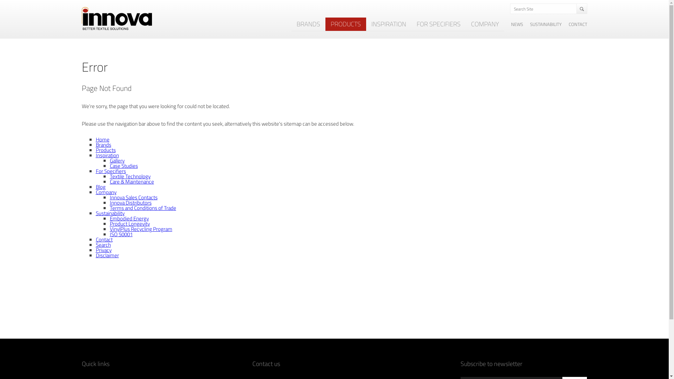 This screenshot has width=674, height=379. I want to click on 'Sustainability', so click(109, 213).